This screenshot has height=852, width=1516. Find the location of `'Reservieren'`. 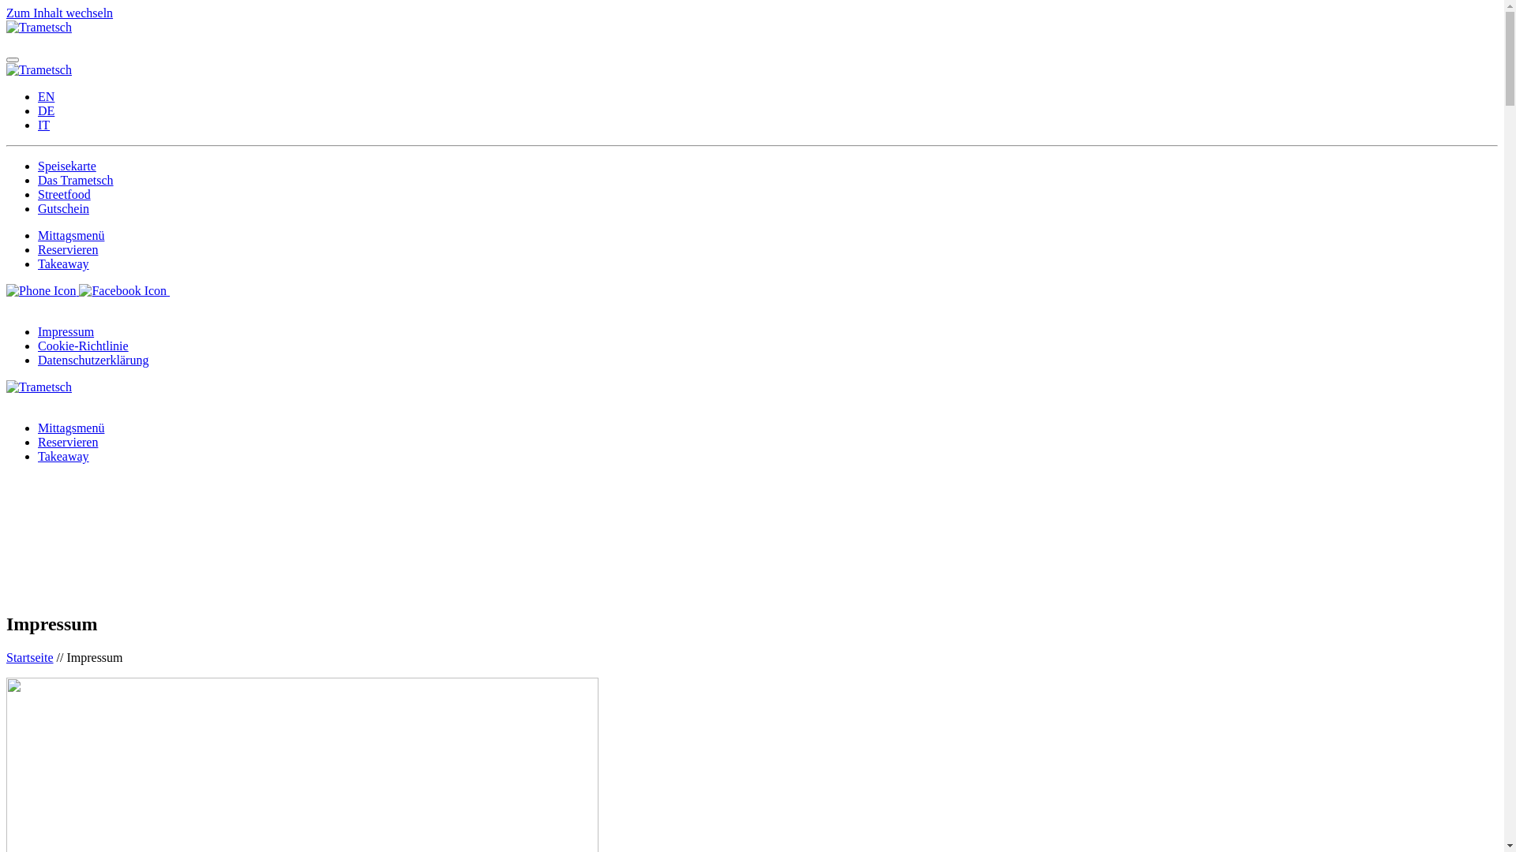

'Reservieren' is located at coordinates (67, 248).